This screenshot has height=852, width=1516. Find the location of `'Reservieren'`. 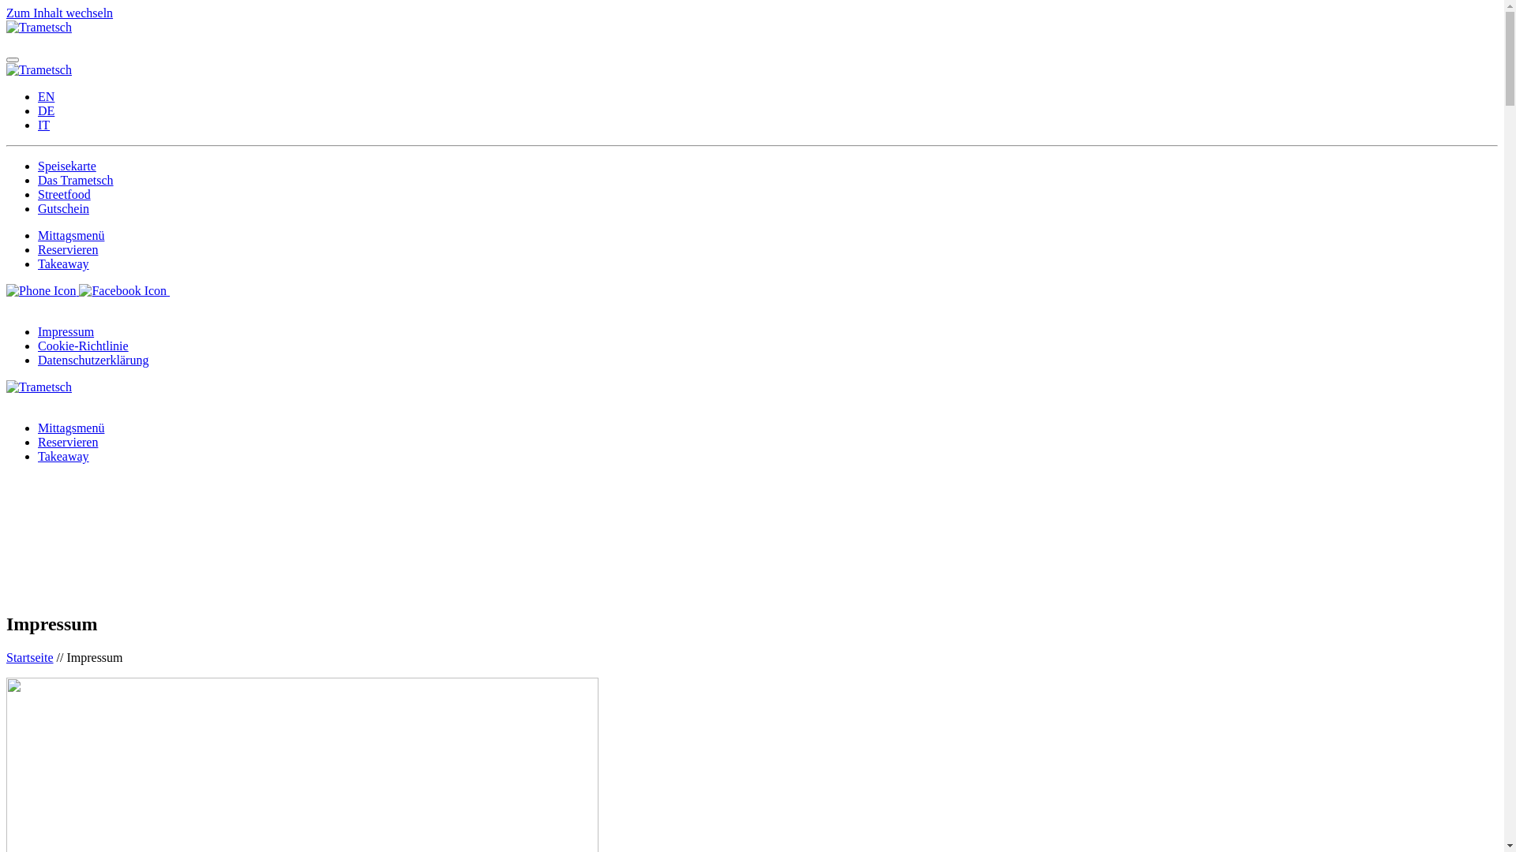

'Reservieren' is located at coordinates (67, 248).